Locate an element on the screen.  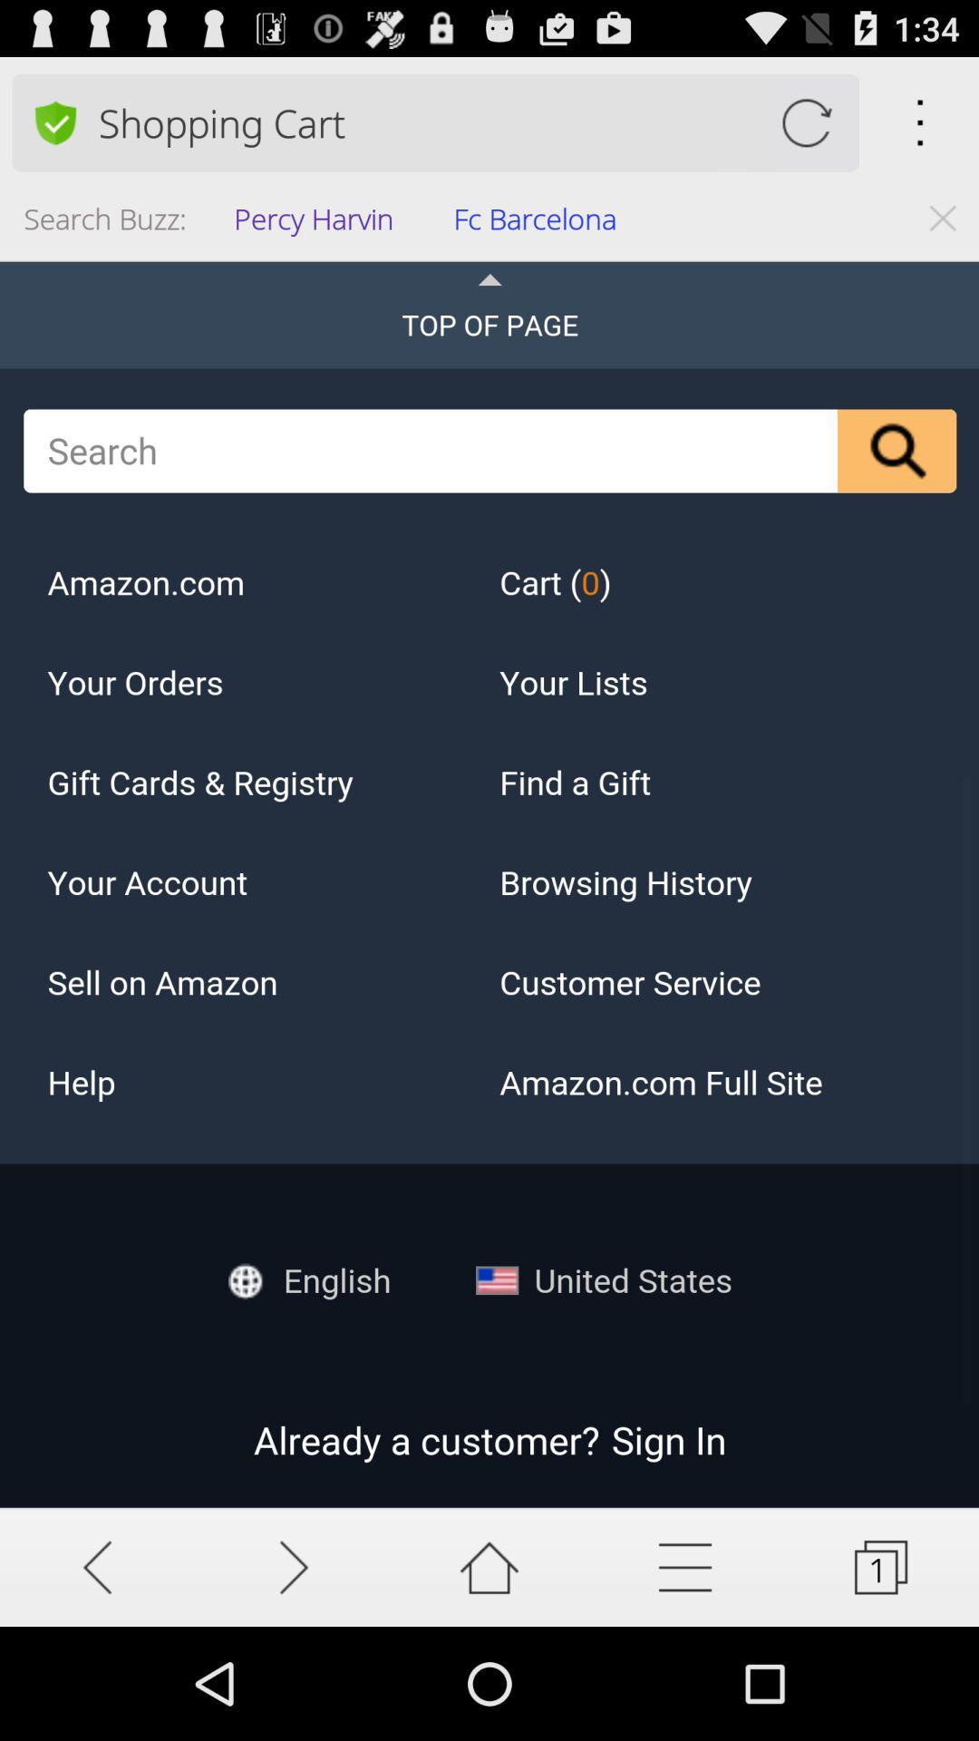
item below shopping cart app is located at coordinates (540, 223).